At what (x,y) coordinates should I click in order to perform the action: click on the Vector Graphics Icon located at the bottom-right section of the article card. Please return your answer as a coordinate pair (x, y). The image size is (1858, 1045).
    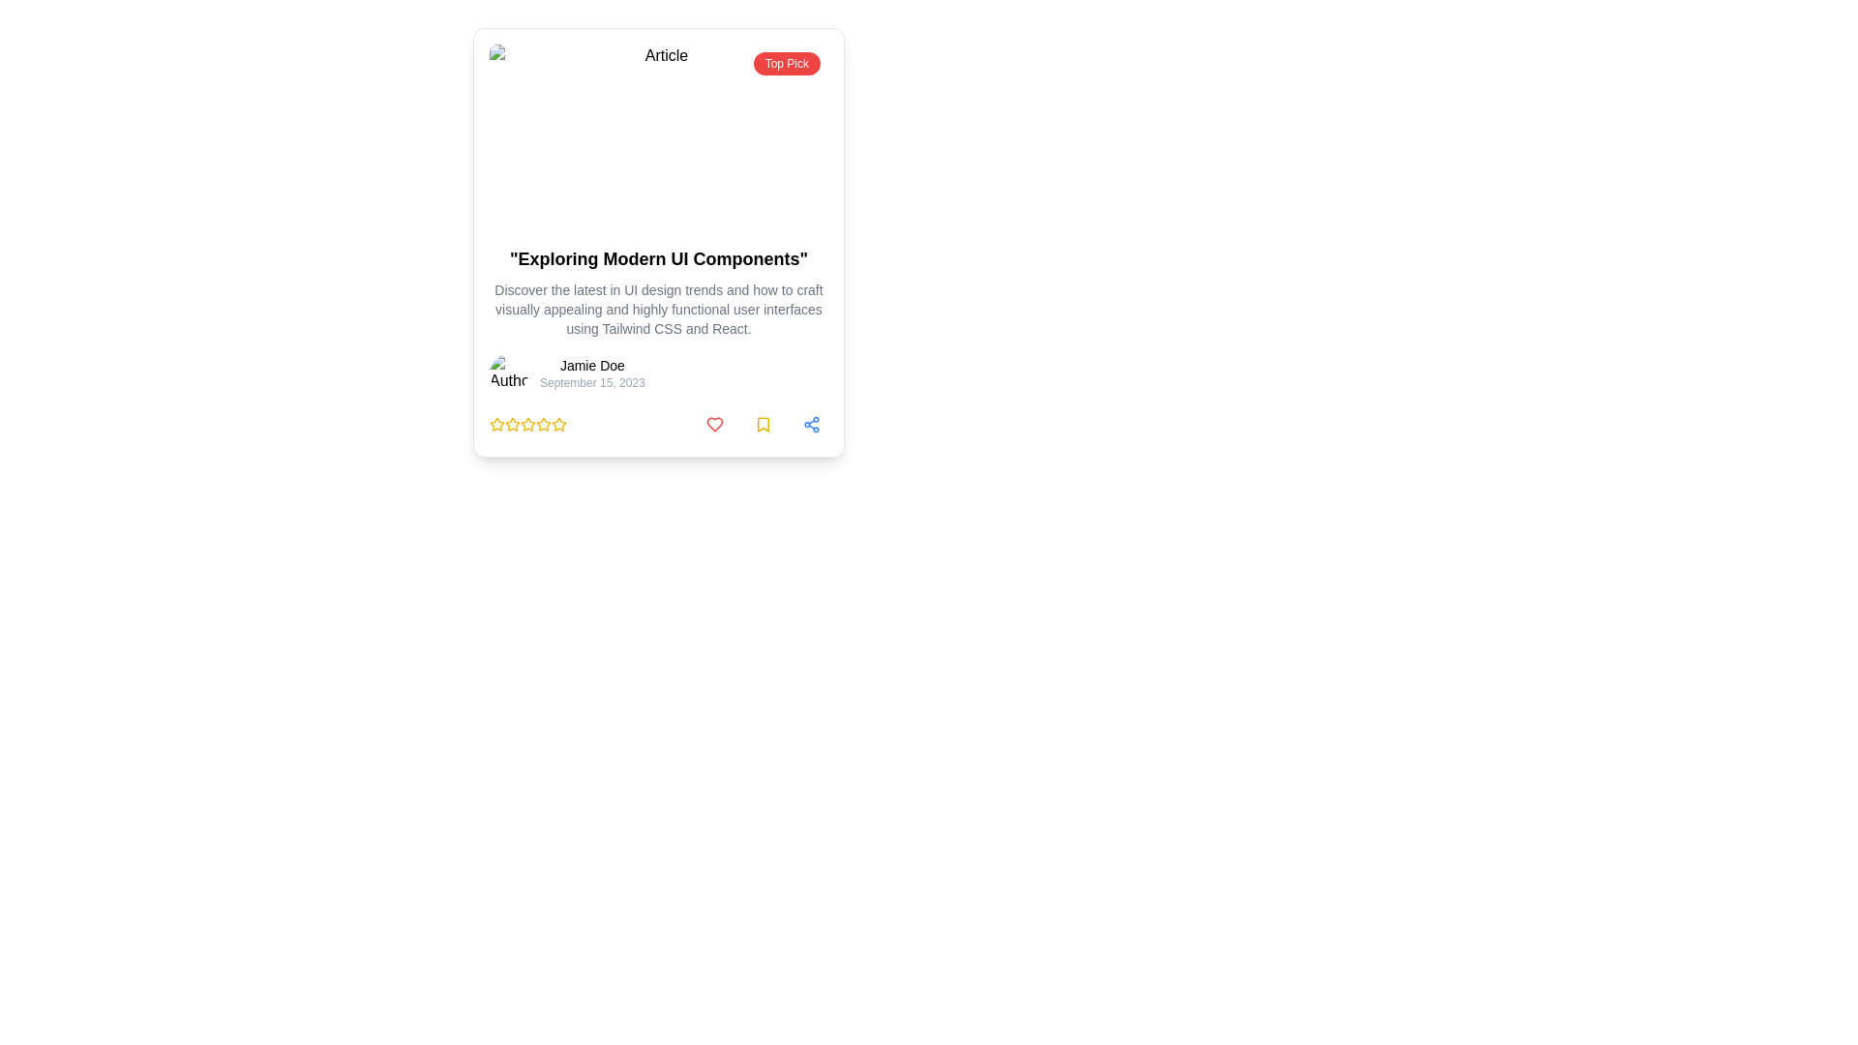
    Looking at the image, I should click on (762, 424).